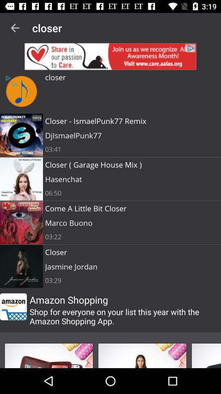 The height and width of the screenshot is (394, 221). Describe the element at coordinates (205, 355) in the screenshot. I see `image page` at that location.